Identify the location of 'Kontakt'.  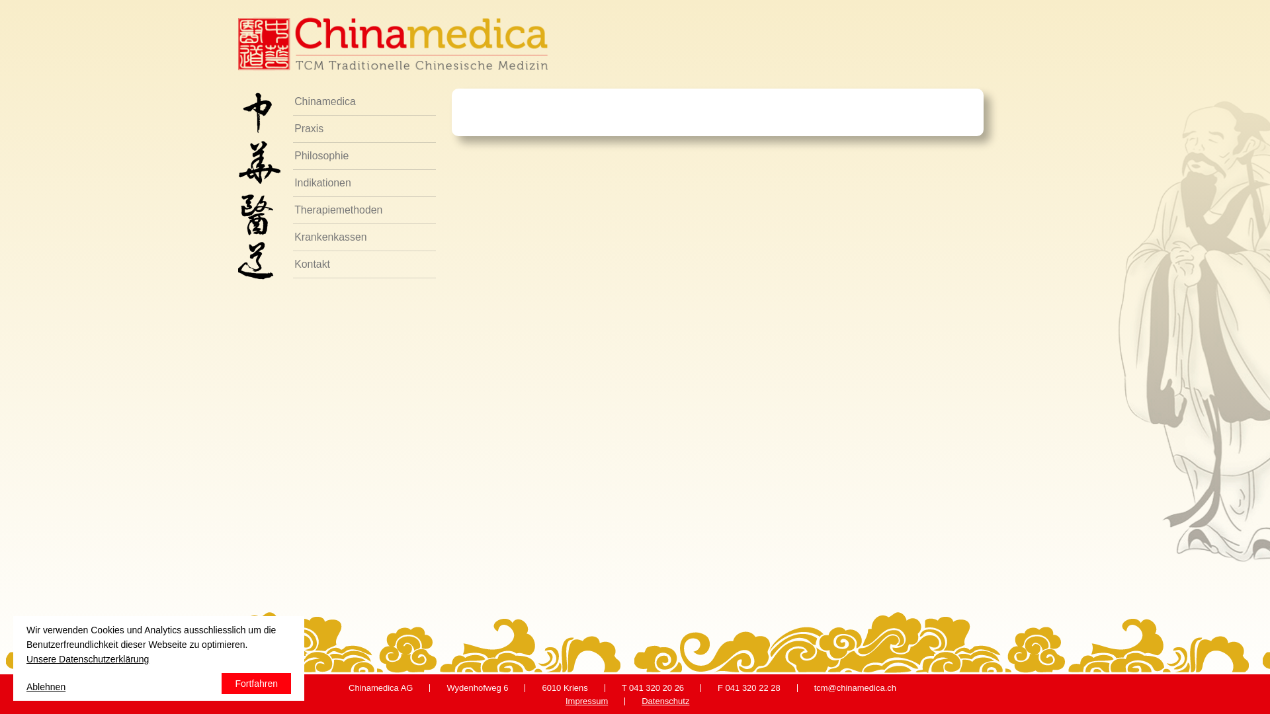
(364, 264).